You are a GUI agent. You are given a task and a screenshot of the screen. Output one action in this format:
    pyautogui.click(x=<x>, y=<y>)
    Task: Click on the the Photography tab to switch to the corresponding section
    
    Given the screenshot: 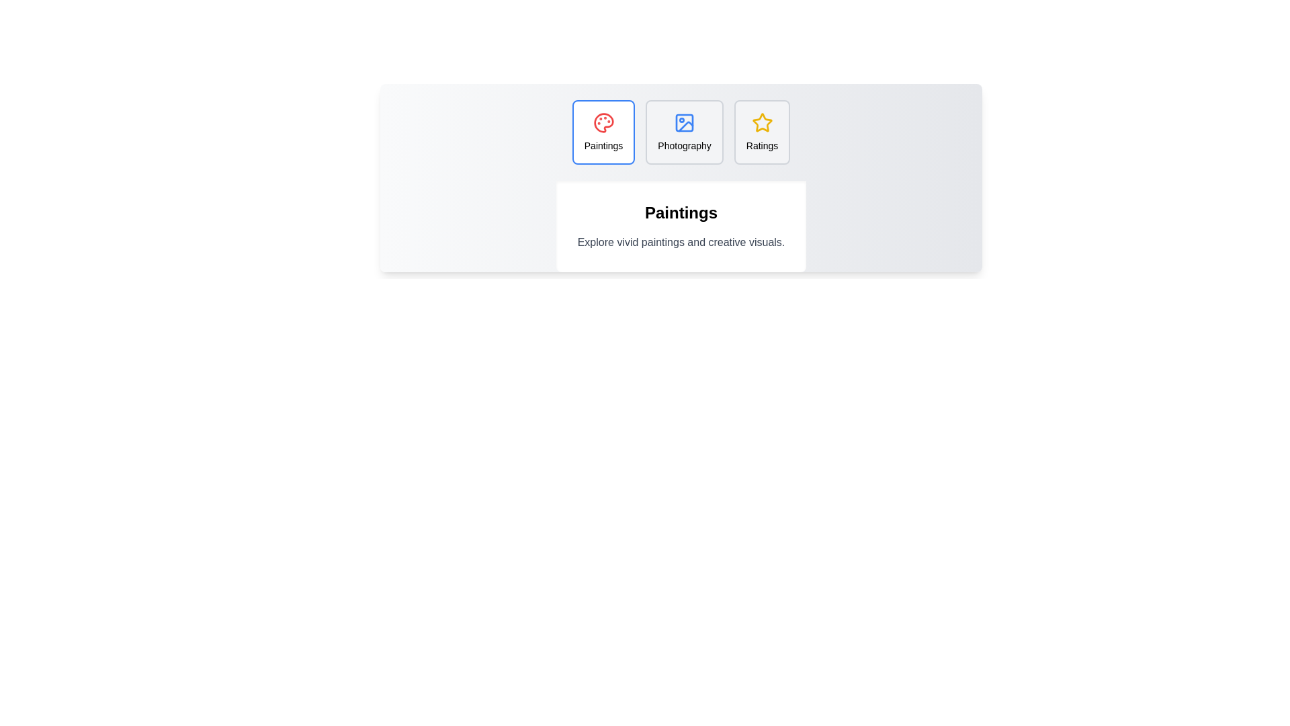 What is the action you would take?
    pyautogui.click(x=685, y=132)
    